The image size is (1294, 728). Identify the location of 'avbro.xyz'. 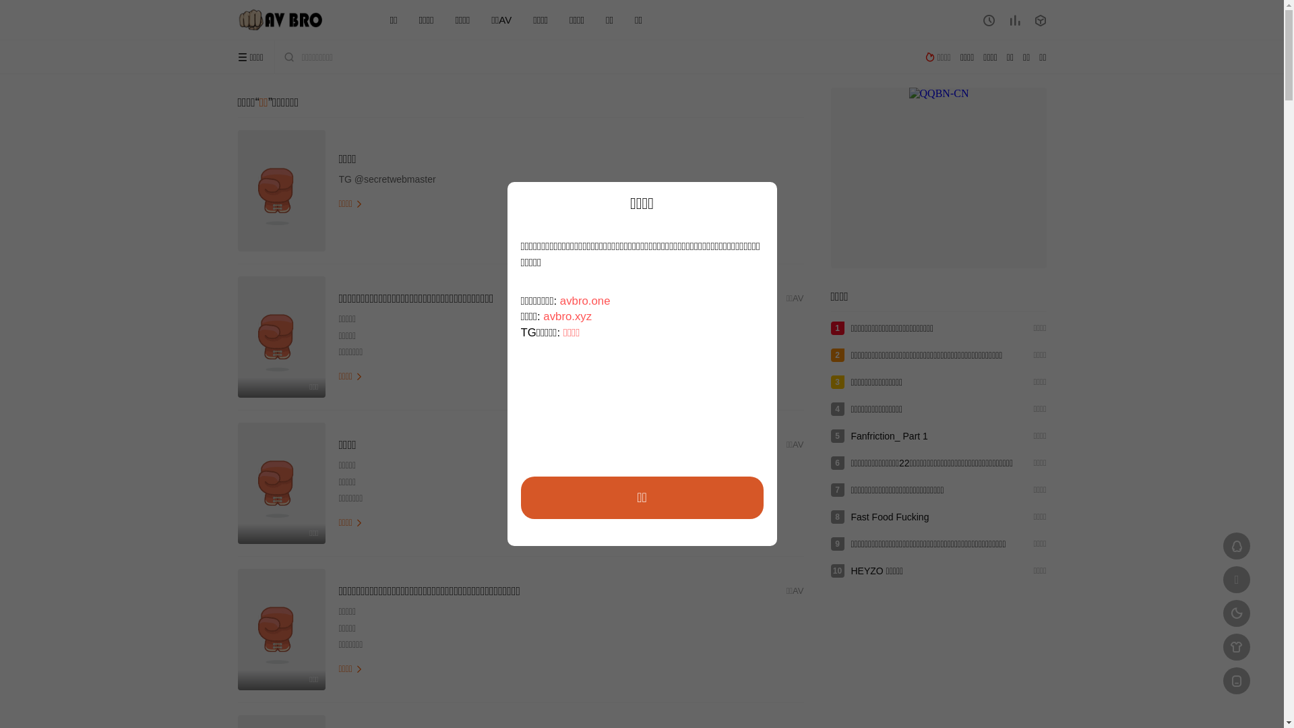
(567, 316).